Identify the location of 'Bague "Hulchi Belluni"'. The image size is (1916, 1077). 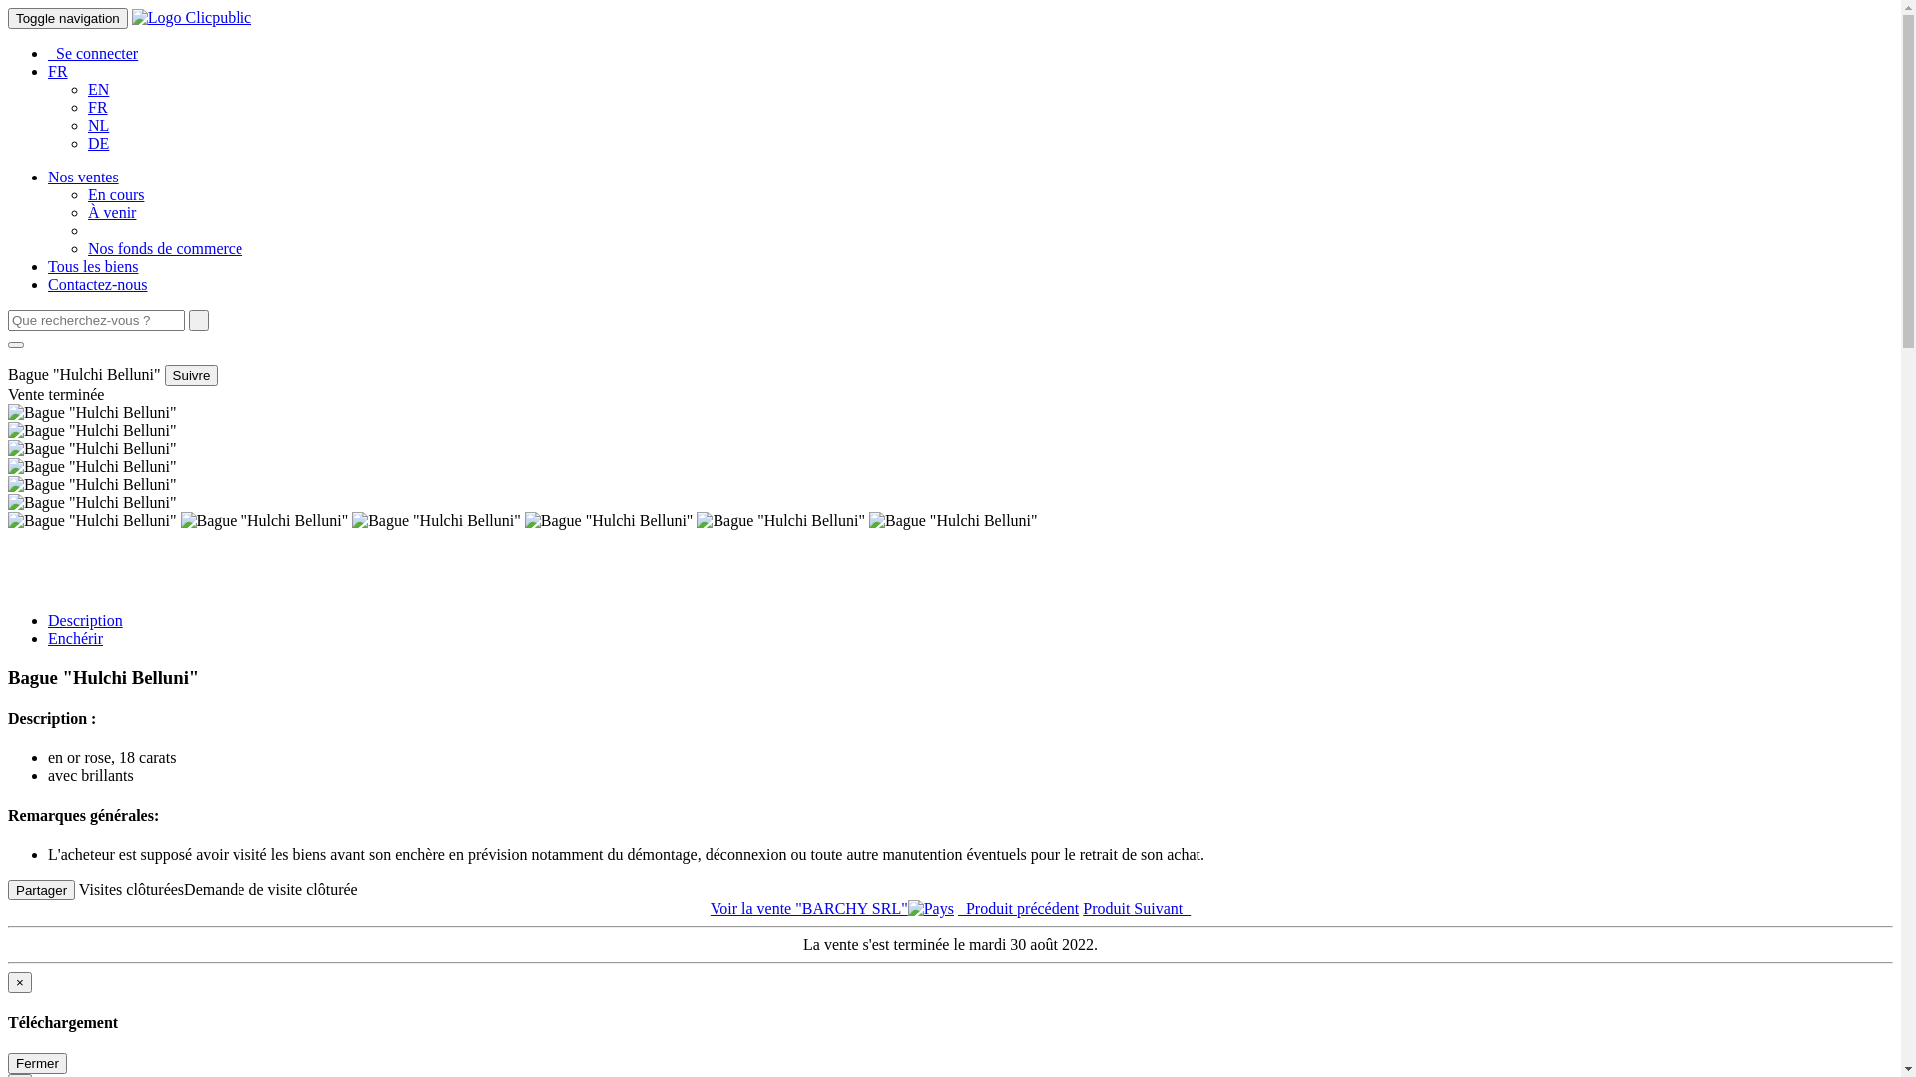
(91, 430).